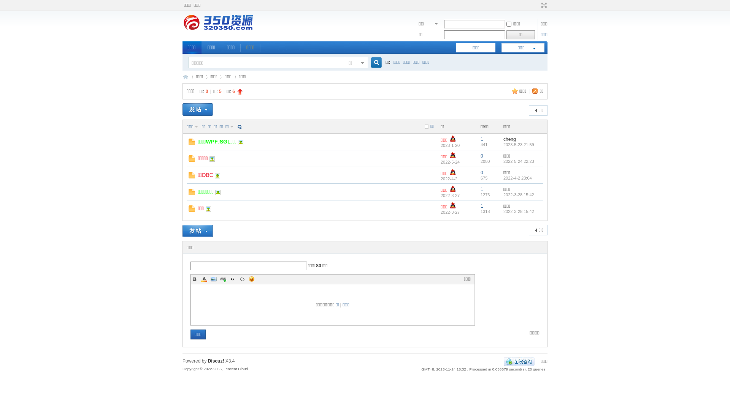  What do you see at coordinates (518, 144) in the screenshot?
I see `'2023-5-23 21:59'` at bounding box center [518, 144].